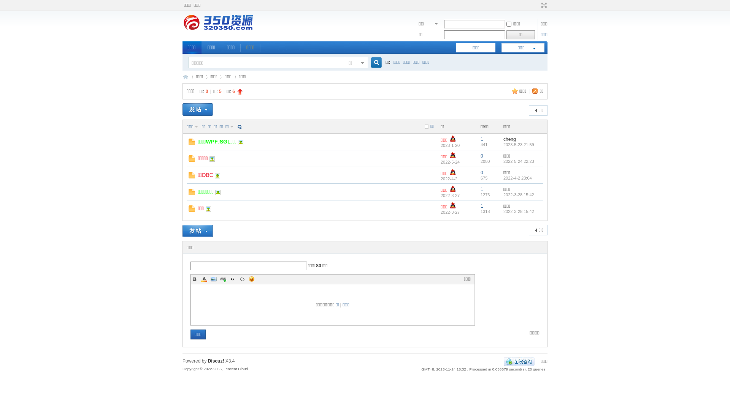  What do you see at coordinates (518, 144) in the screenshot?
I see `'2023-5-23 21:59'` at bounding box center [518, 144].